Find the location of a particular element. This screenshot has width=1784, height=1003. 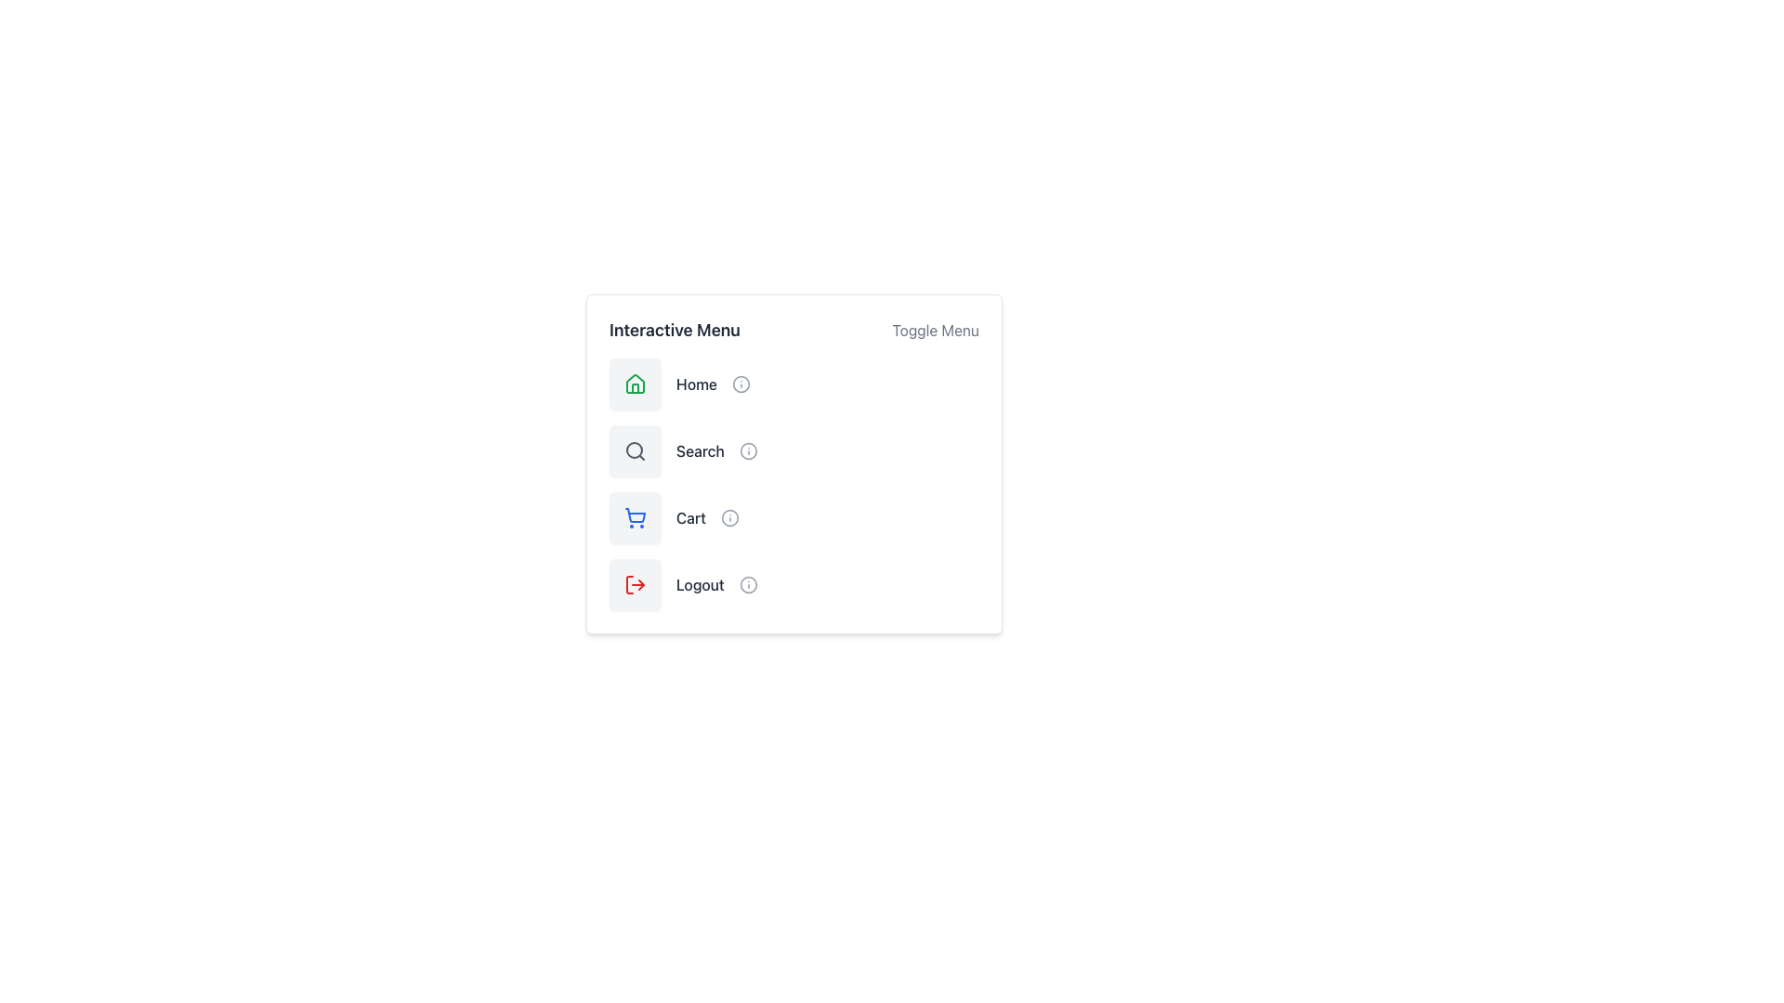

the circular icon located to the right of the 'Cart' label in the vertical menu layout, which is the third item from the top is located at coordinates (729, 518).